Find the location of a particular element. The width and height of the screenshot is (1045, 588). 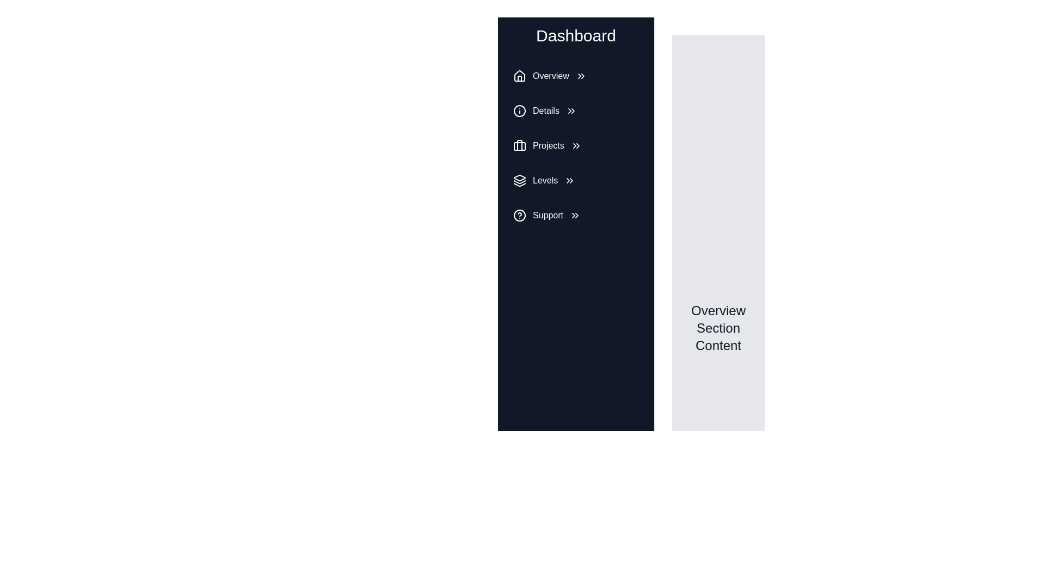

the graphical icon associated with the 'Support' label by clicking on the central circle of the icon in the left sidebar of the dashboard is located at coordinates (519, 216).